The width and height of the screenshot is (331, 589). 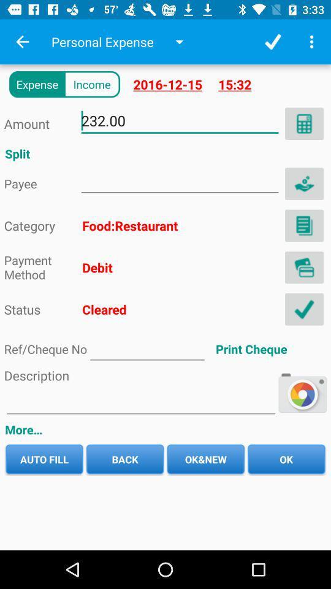 What do you see at coordinates (303, 123) in the screenshot?
I see `calculator` at bounding box center [303, 123].